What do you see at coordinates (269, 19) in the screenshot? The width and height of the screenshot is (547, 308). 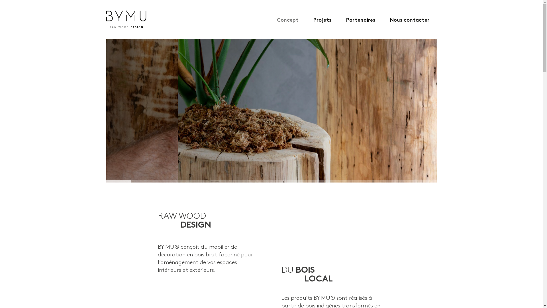 I see `'Concept'` at bounding box center [269, 19].